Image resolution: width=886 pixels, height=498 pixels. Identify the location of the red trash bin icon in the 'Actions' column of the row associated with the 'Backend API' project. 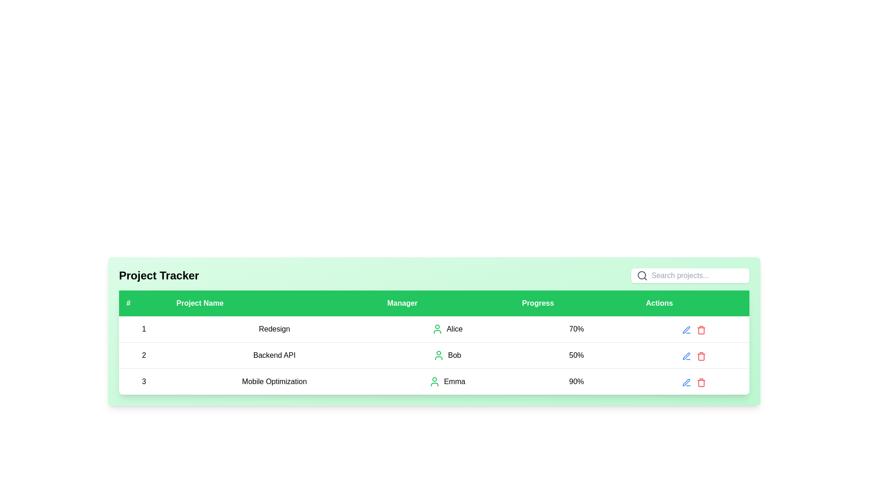
(694, 356).